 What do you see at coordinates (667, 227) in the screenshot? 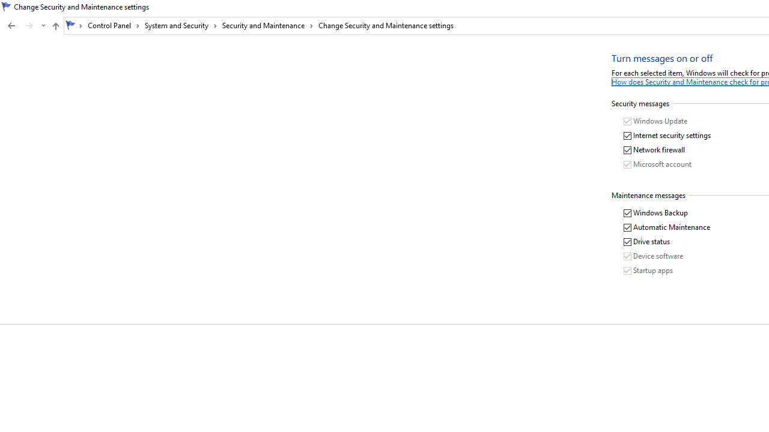
I see `'Automatic Maintenance'` at bounding box center [667, 227].